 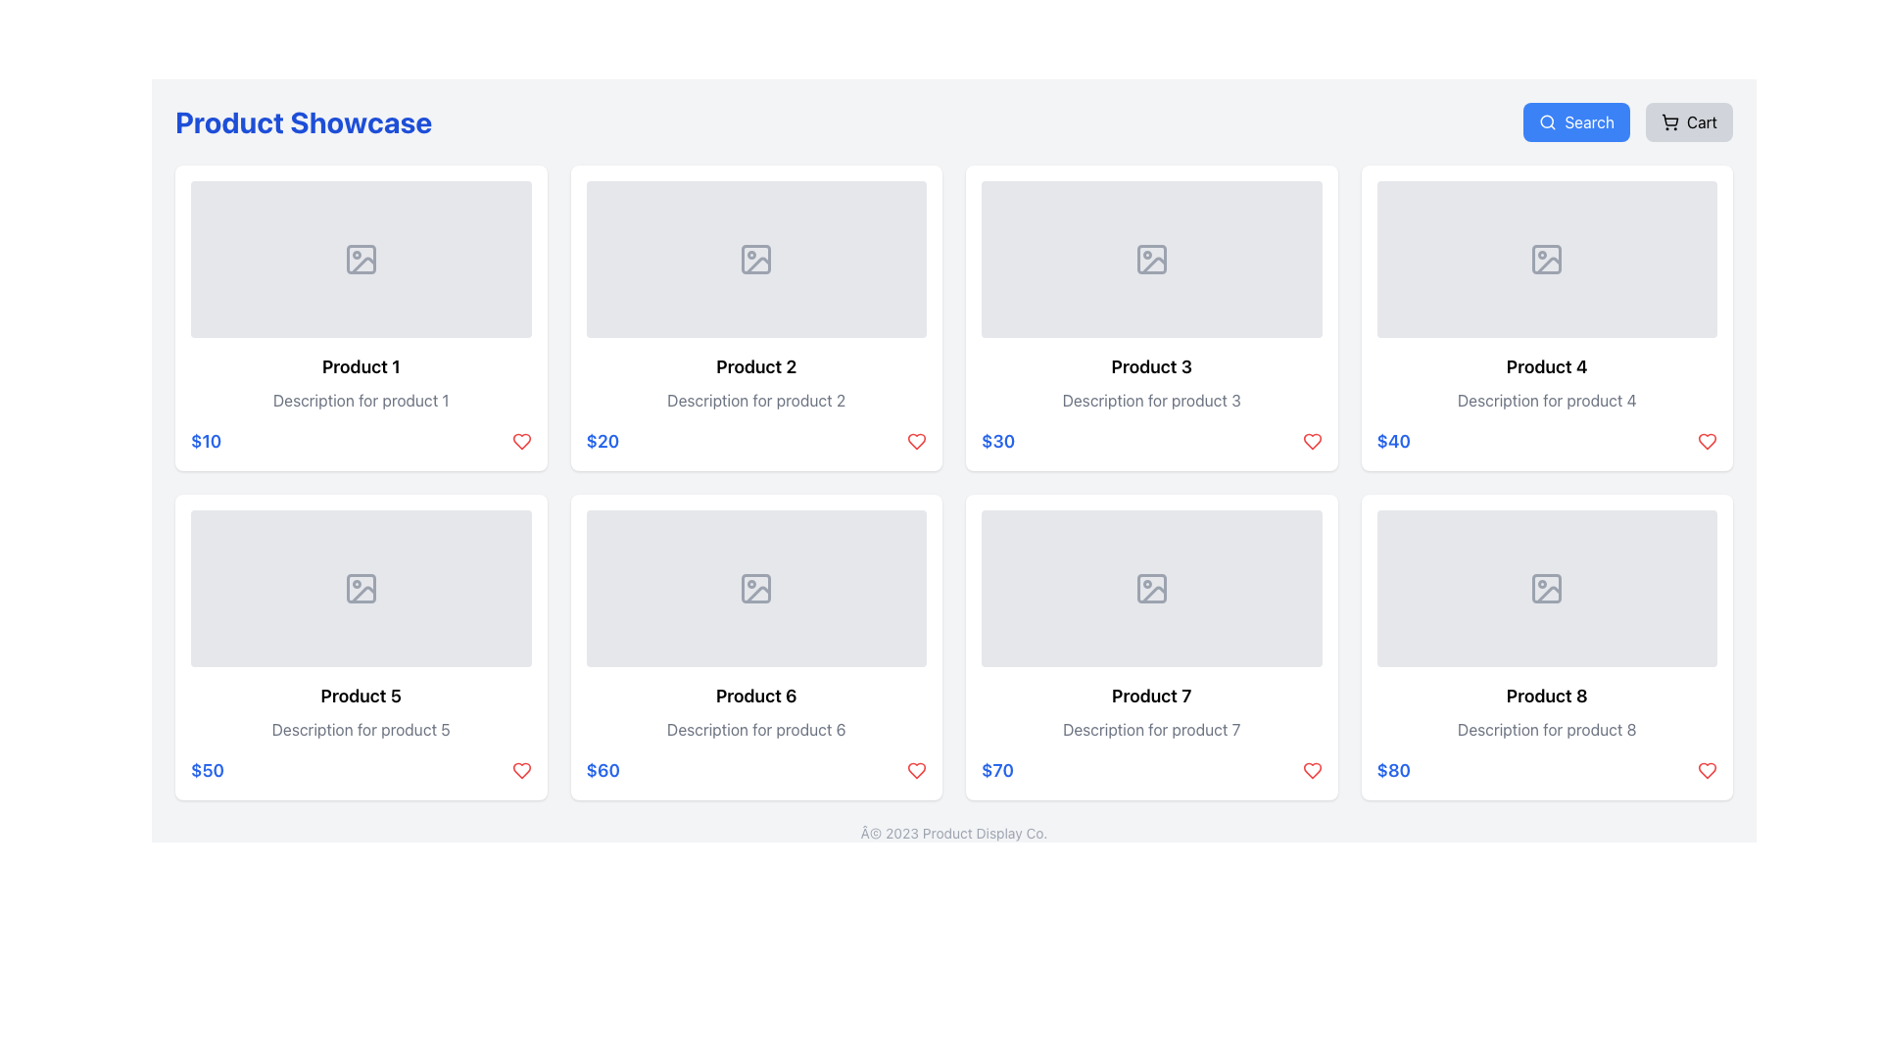 What do you see at coordinates (207, 769) in the screenshot?
I see `the price indicator text label for 'Product 5', located at the bottom-left corner of the product card, adjacent to the heart-shaped icon` at bounding box center [207, 769].